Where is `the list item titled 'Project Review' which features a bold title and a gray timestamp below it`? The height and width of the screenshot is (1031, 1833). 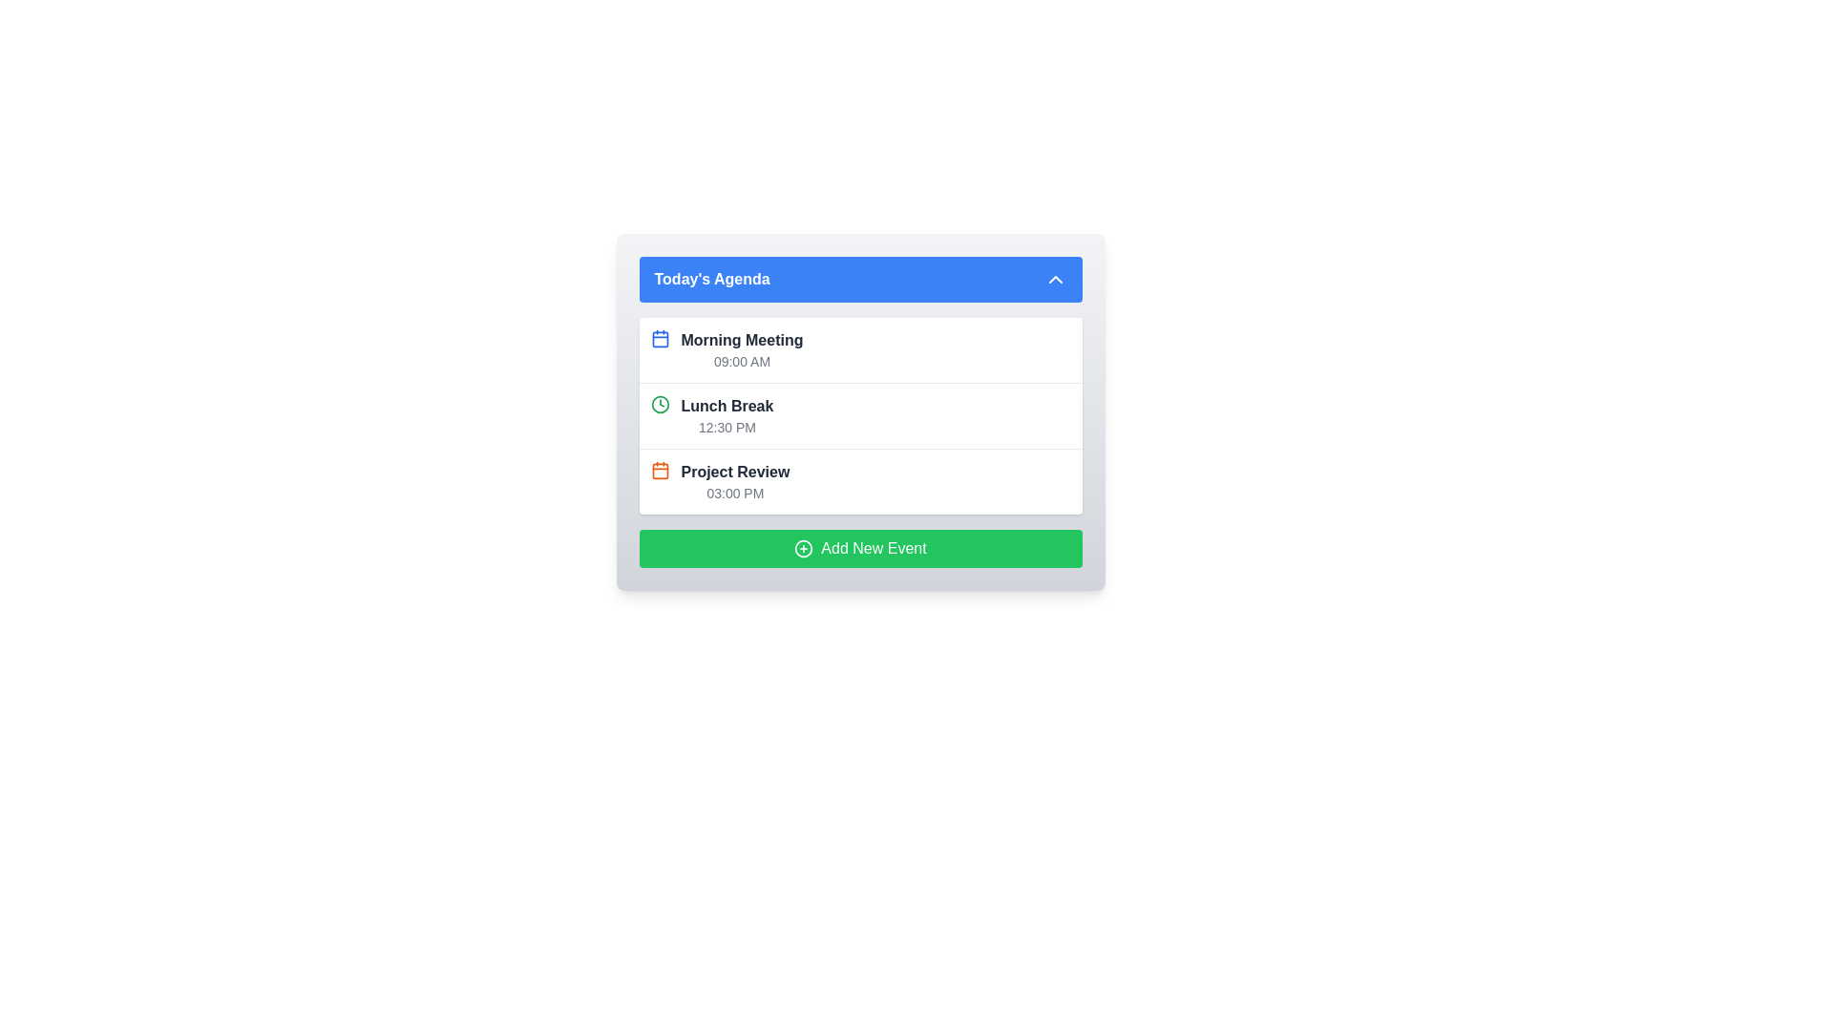 the list item titled 'Project Review' which features a bold title and a gray timestamp below it is located at coordinates (859, 480).